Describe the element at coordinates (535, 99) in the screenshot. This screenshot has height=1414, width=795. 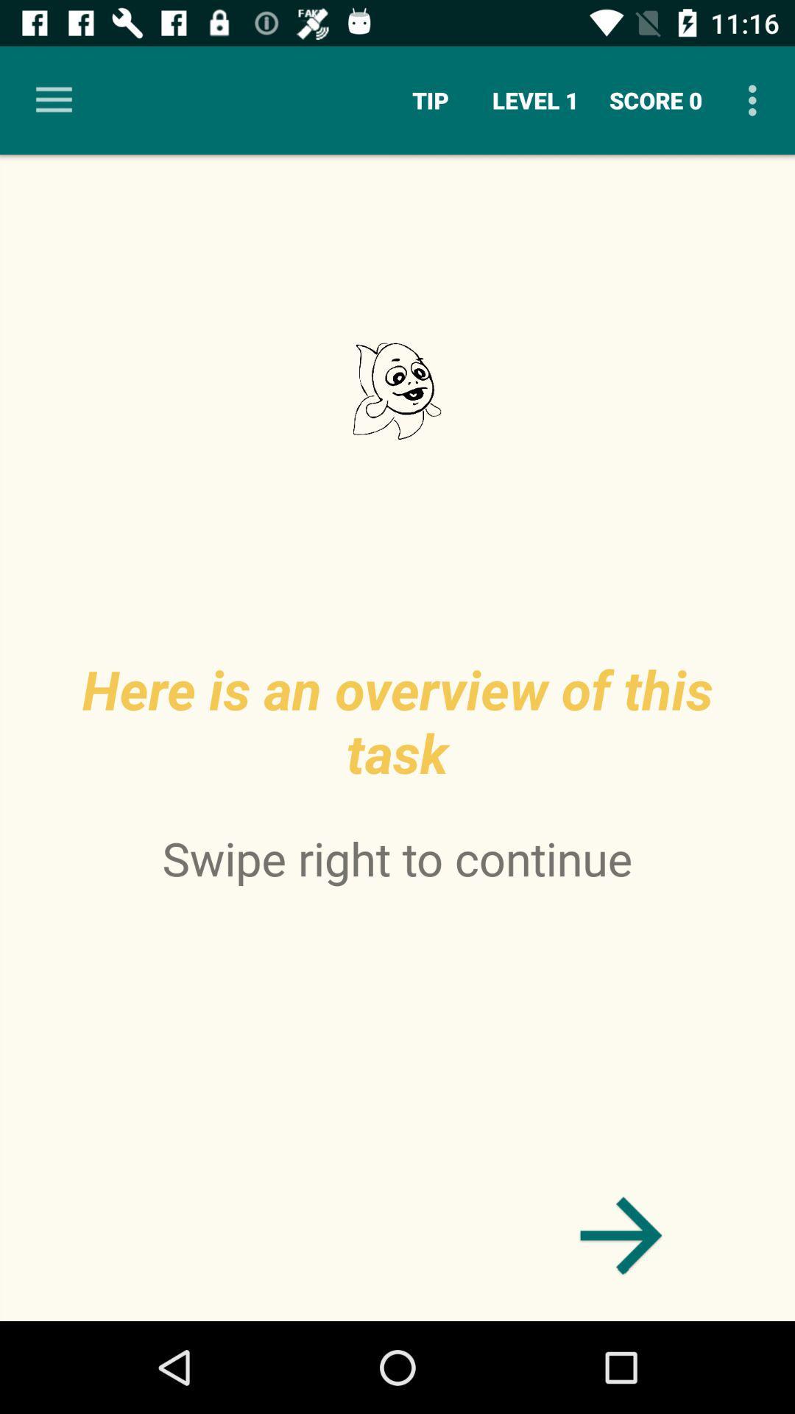
I see `the level 1 icon` at that location.